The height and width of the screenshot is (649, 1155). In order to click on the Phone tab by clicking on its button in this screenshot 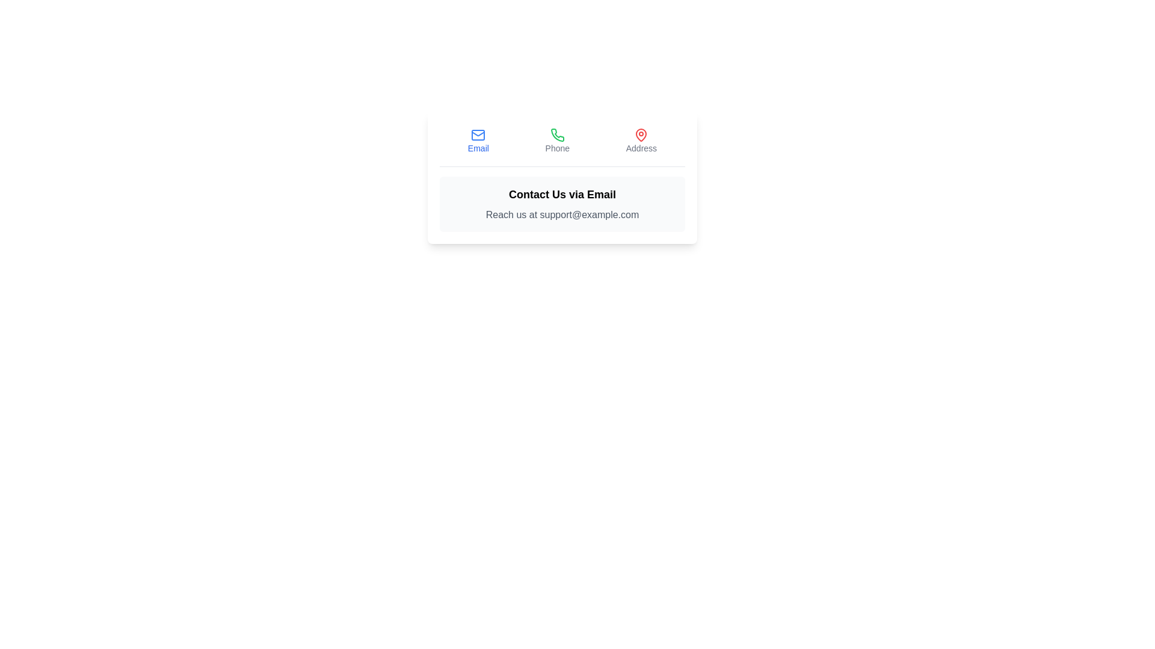, I will do `click(556, 141)`.